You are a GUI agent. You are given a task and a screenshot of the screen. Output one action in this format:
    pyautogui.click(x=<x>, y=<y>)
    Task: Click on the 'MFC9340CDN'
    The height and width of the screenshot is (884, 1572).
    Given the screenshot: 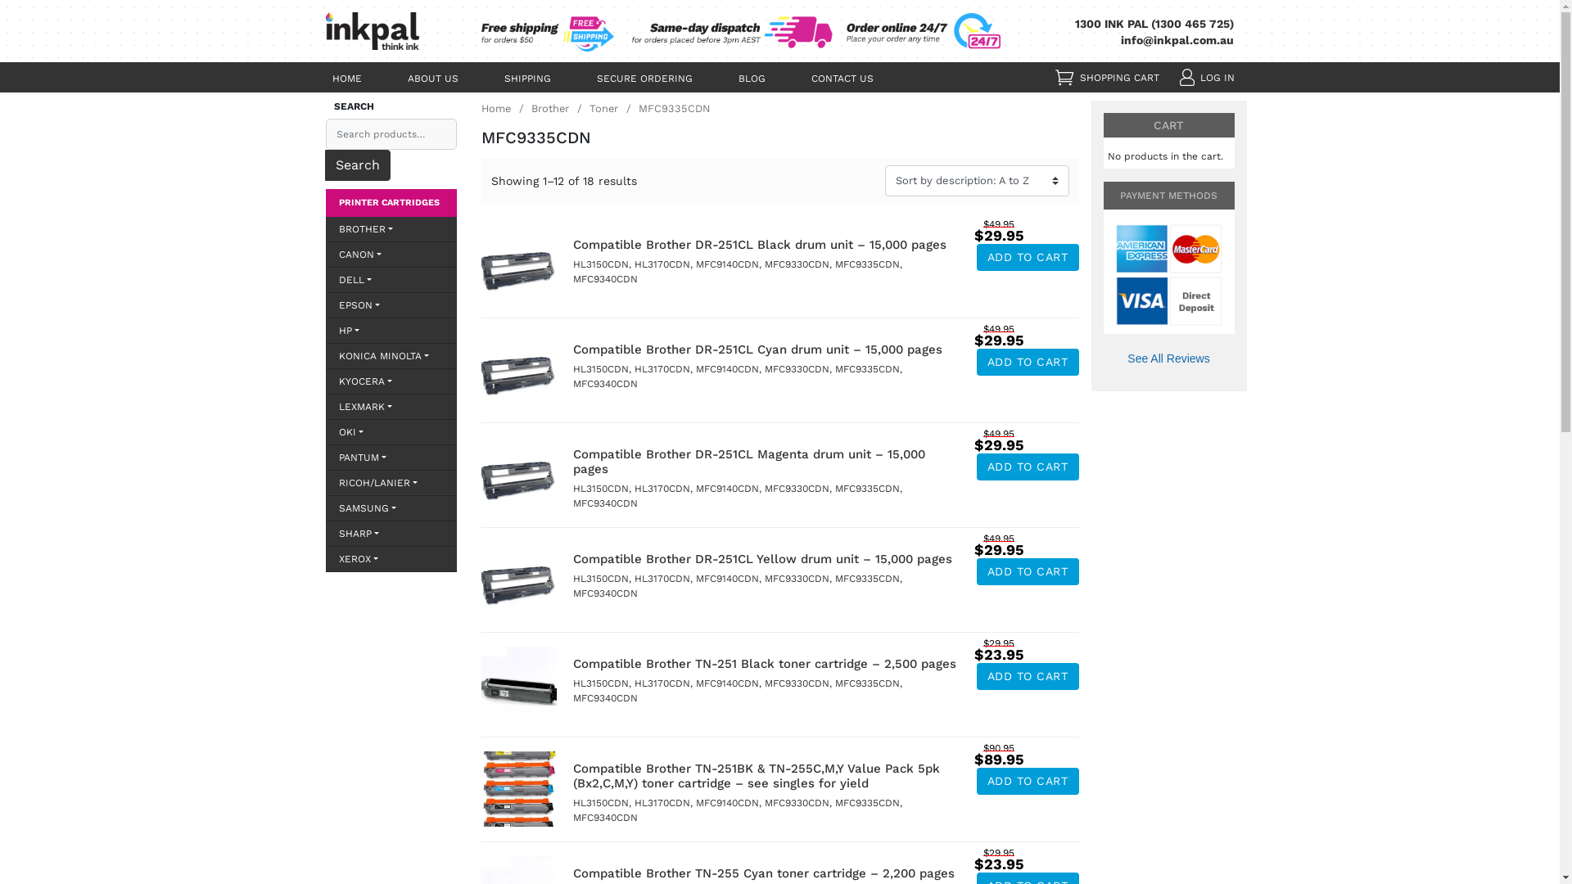 What is the action you would take?
    pyautogui.click(x=604, y=277)
    